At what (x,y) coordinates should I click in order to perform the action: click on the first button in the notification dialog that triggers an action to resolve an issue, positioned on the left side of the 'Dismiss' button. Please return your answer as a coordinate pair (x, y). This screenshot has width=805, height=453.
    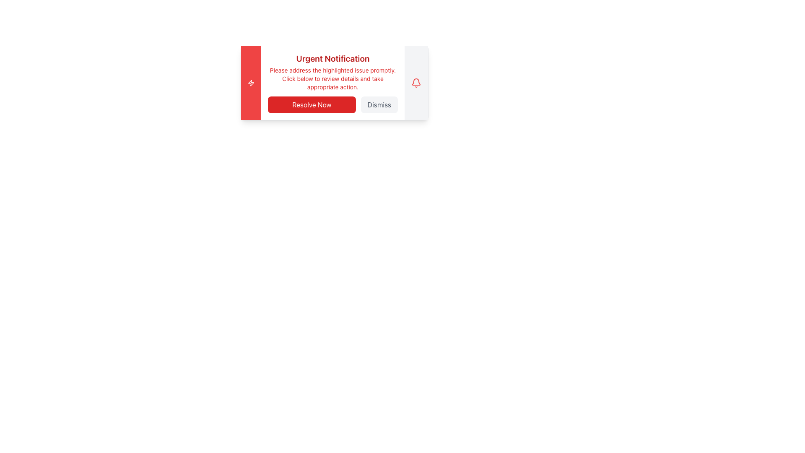
    Looking at the image, I should click on (311, 104).